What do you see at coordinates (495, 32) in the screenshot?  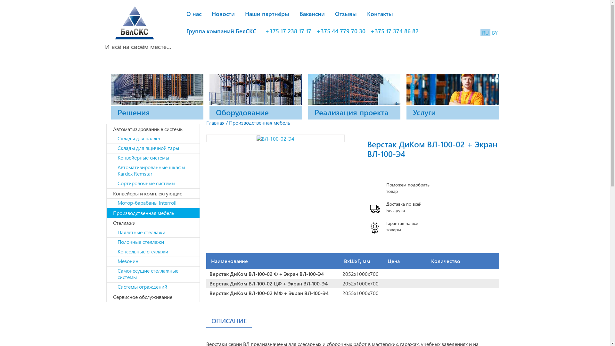 I see `'BY'` at bounding box center [495, 32].